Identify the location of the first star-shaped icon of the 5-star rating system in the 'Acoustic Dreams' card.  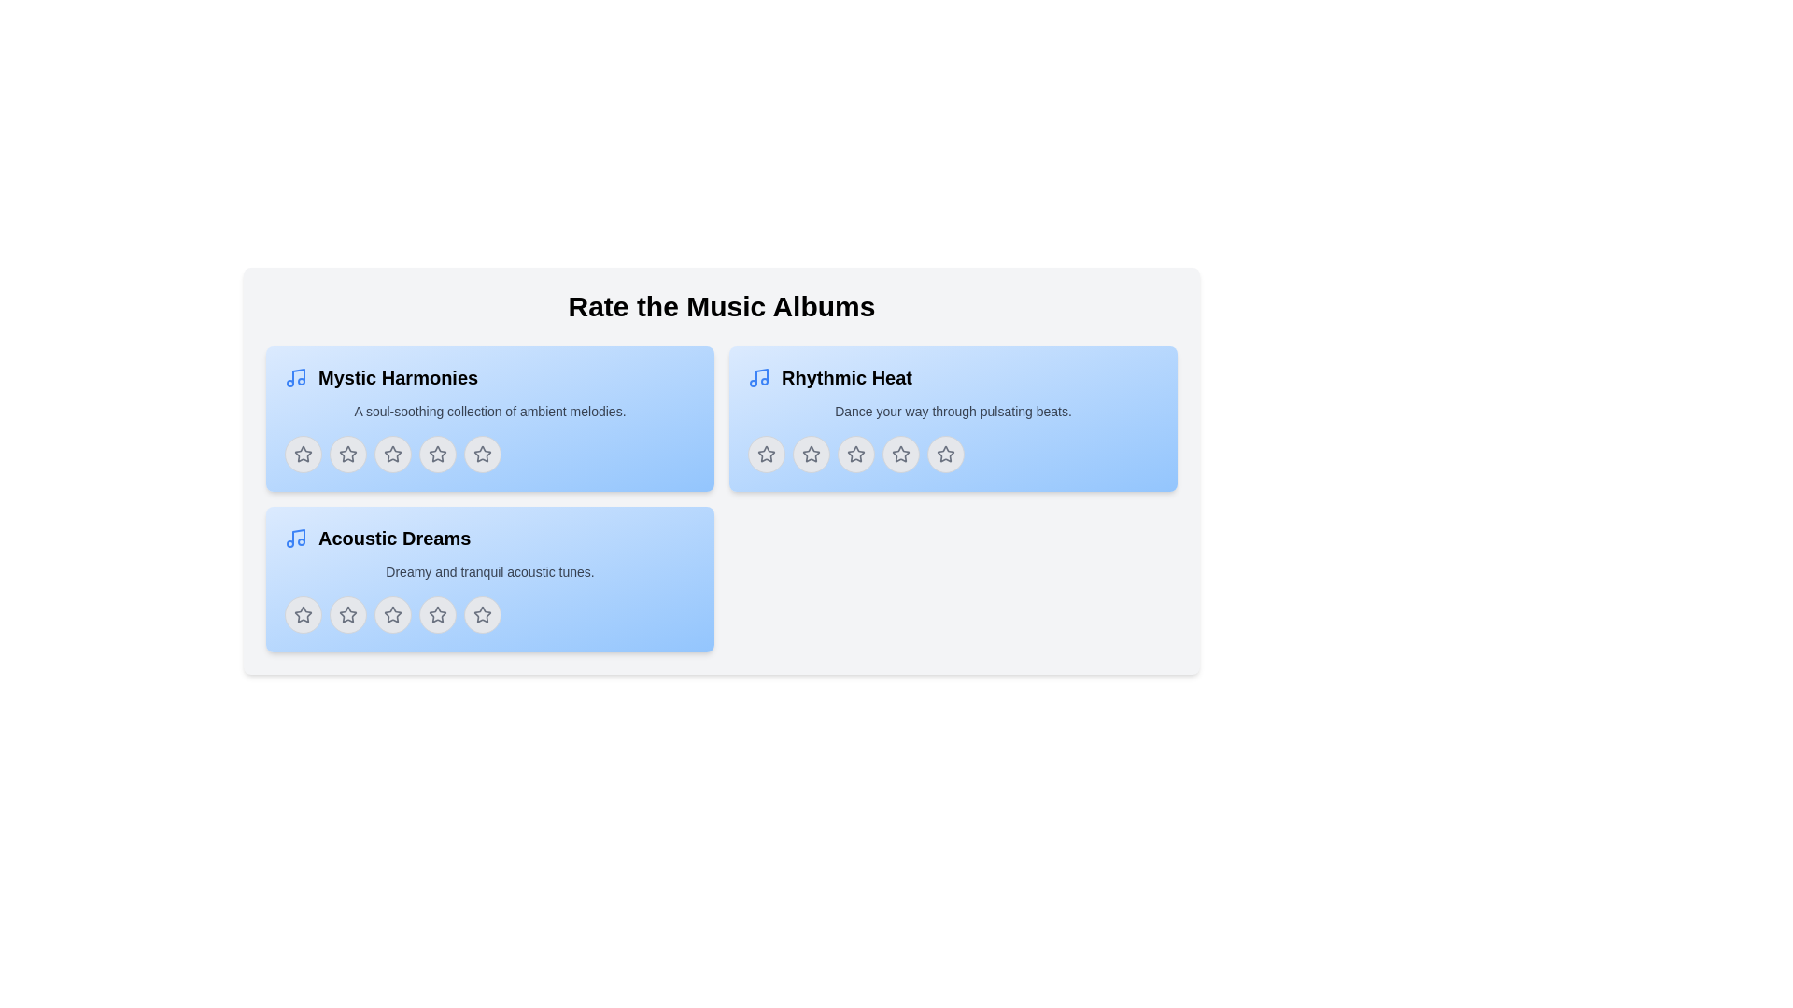
(304, 615).